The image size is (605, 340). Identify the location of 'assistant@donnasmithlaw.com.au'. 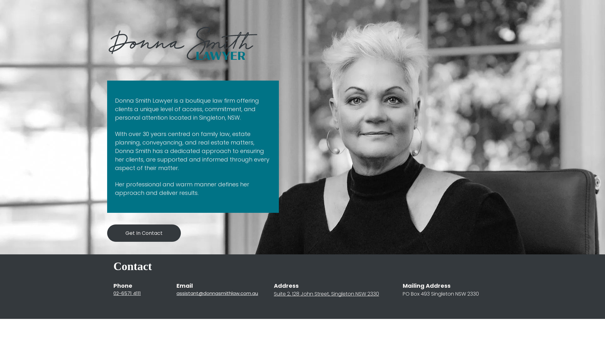
(217, 293).